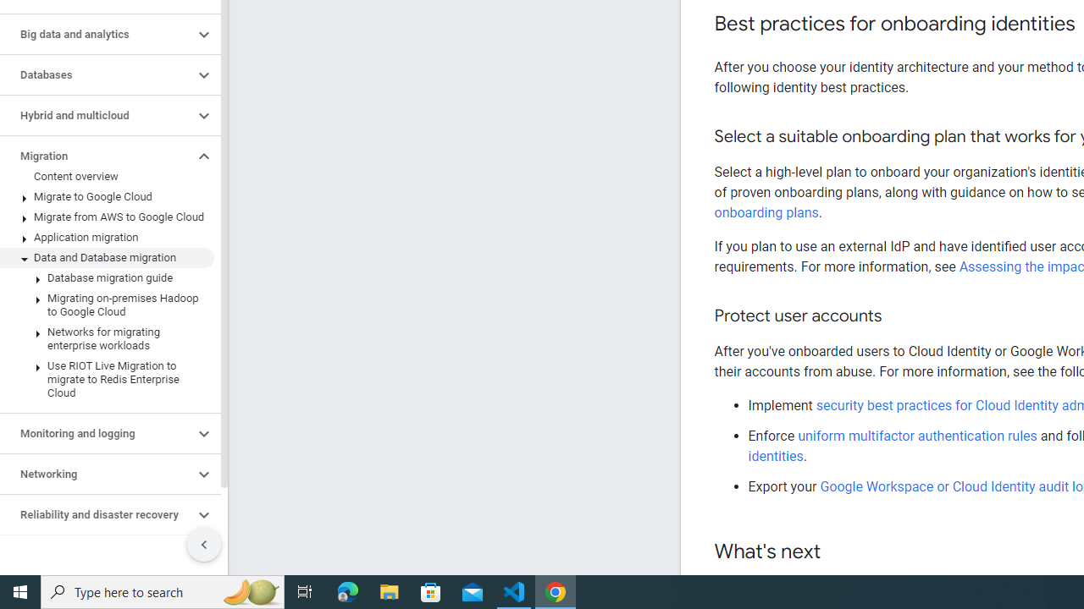 Image resolution: width=1084 pixels, height=609 pixels. I want to click on 'Security and IAM', so click(96, 556).